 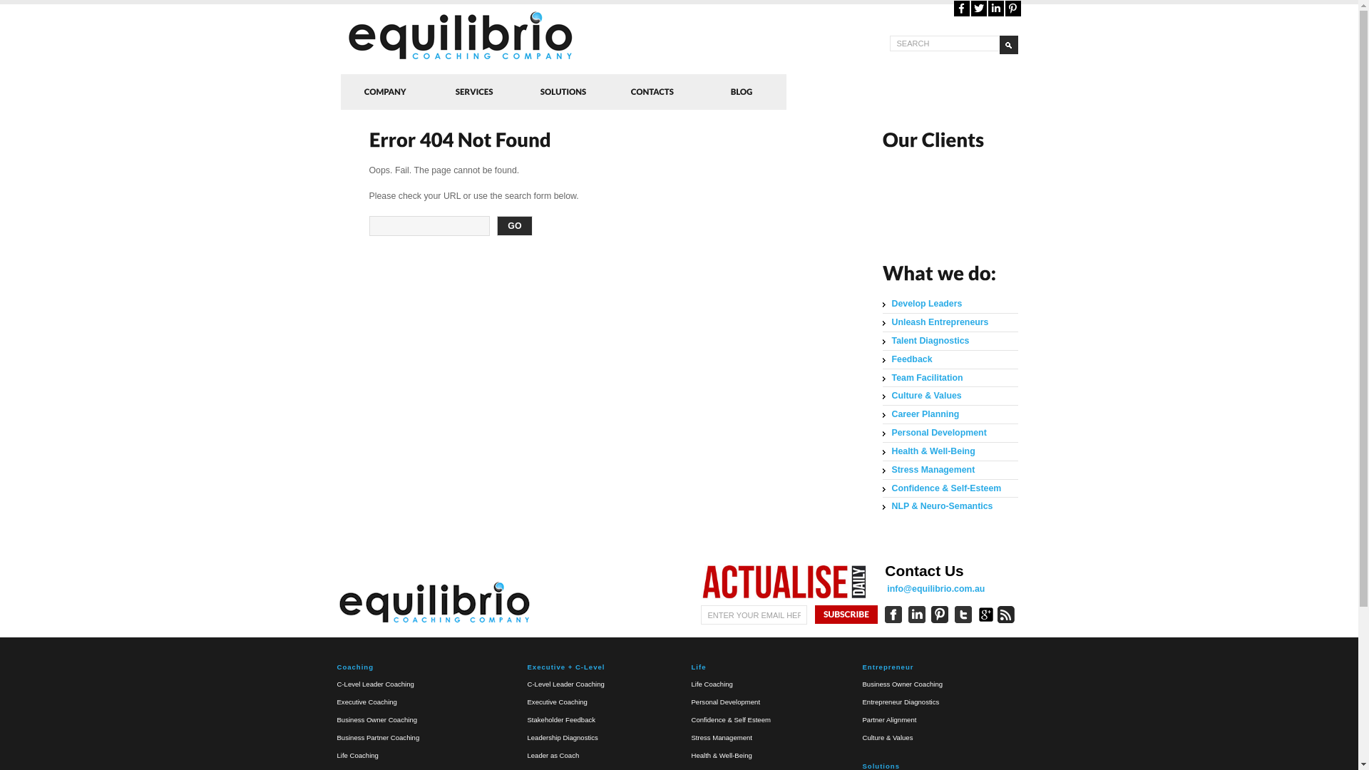 What do you see at coordinates (924, 303) in the screenshot?
I see `'Develop Leaders'` at bounding box center [924, 303].